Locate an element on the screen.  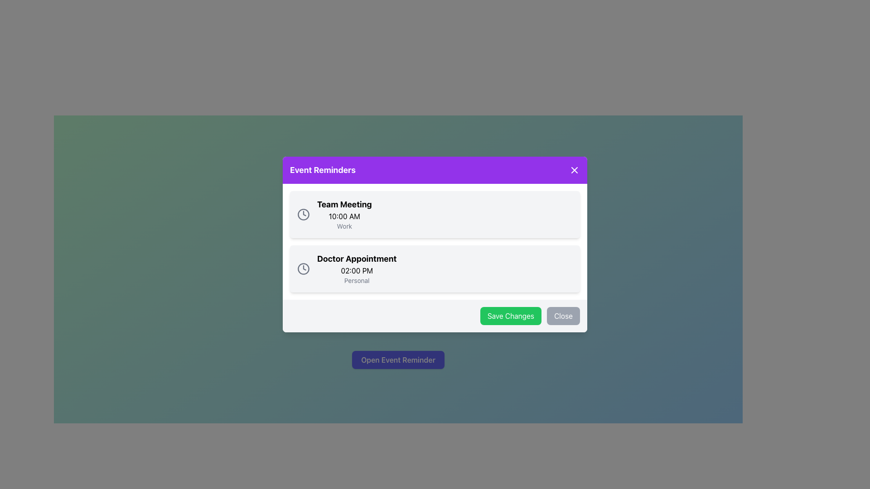
the time indicator text label for the 'Team Meeting' event, which is positioned below the 'Team Meeting' text and above the 'Work' text in the 'Event Reminders' modal is located at coordinates (344, 216).